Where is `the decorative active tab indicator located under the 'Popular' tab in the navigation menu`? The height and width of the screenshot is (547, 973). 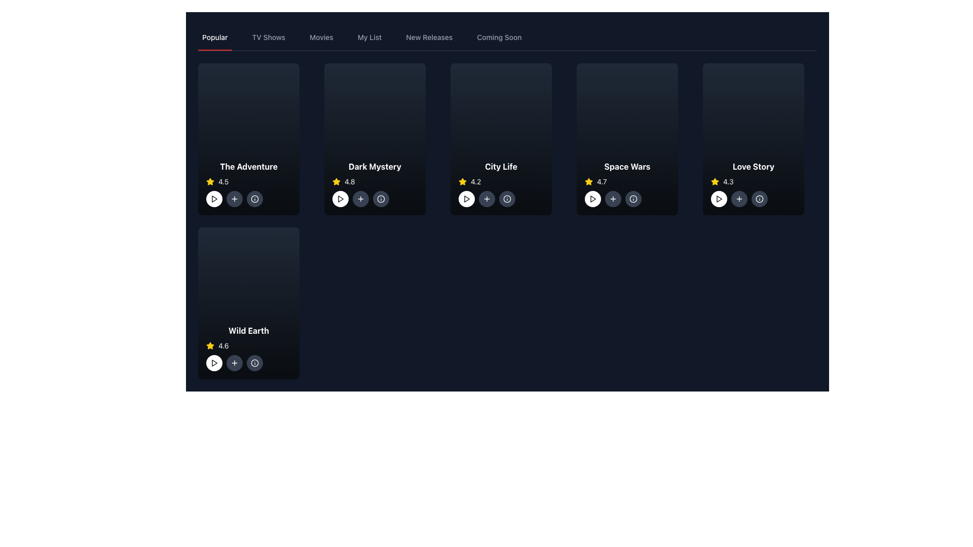
the decorative active tab indicator located under the 'Popular' tab in the navigation menu is located at coordinates (214, 50).